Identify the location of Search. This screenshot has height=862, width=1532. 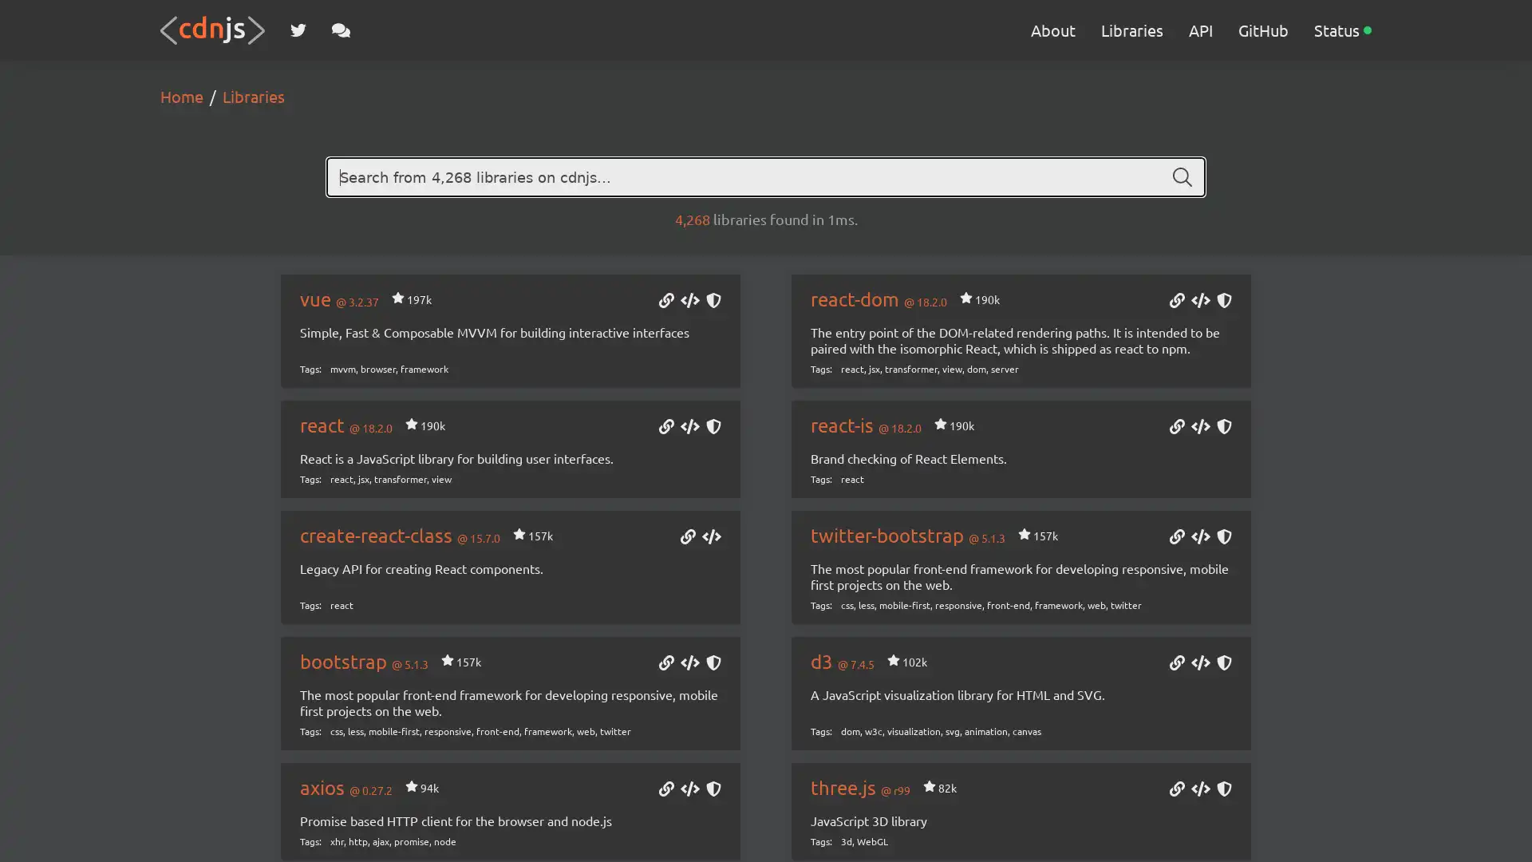
(1183, 177).